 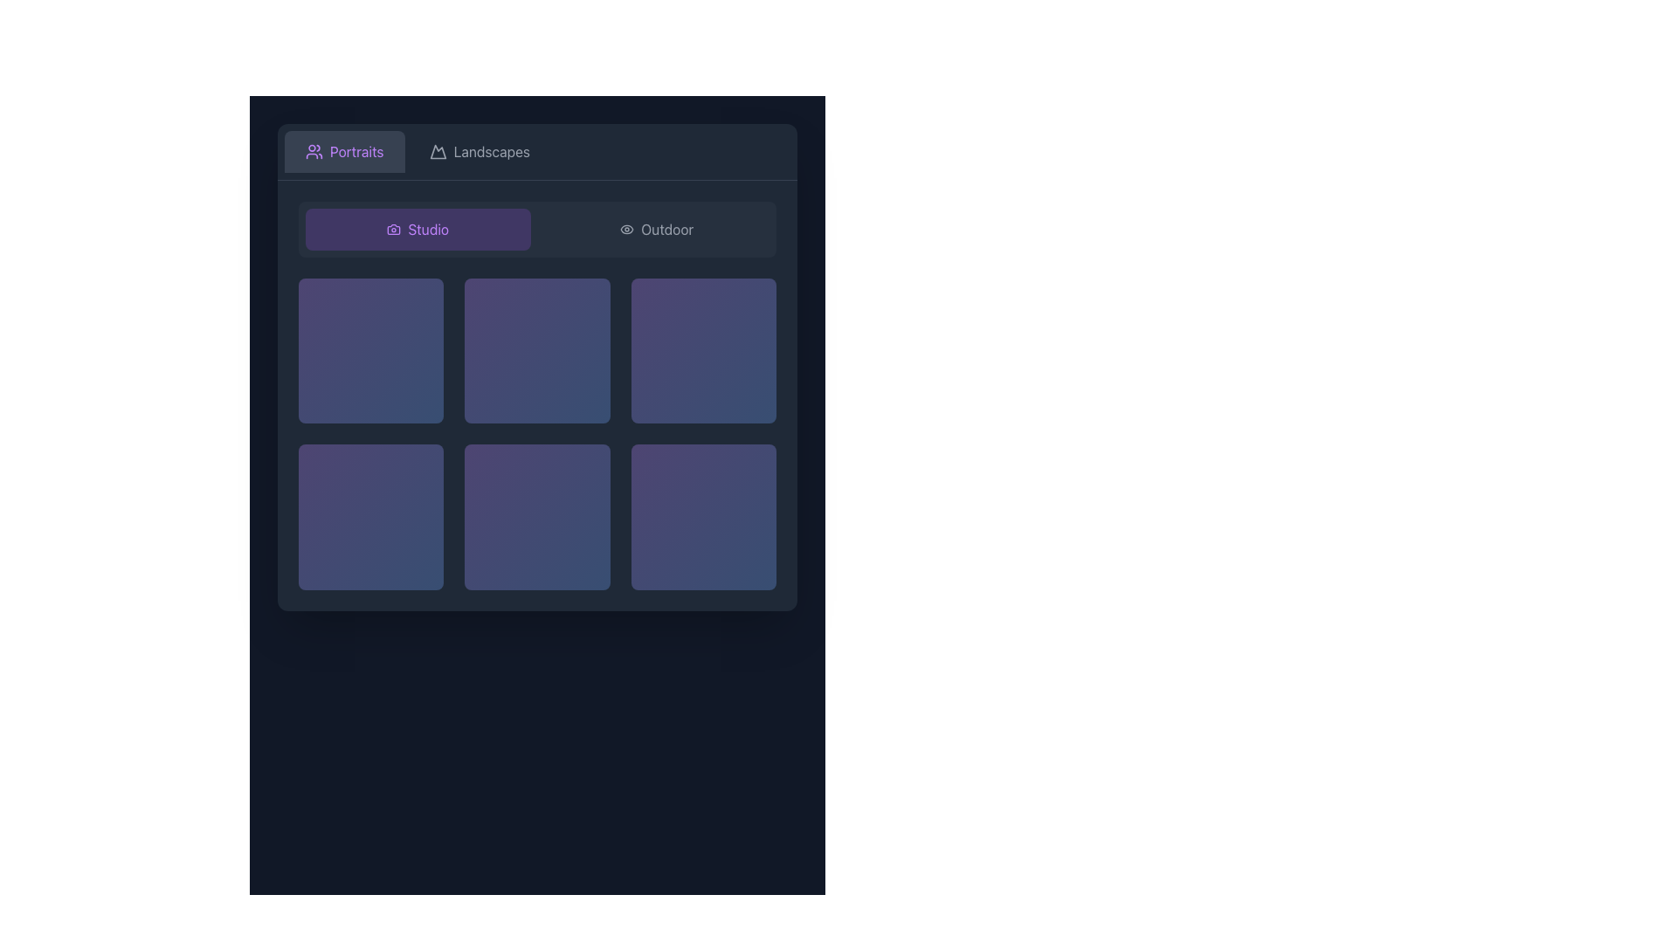 What do you see at coordinates (666, 228) in the screenshot?
I see `the text label displaying 'Outdoor' in light gray on a dark background, located towards the top-right side of a horizontal bar, immediately preceded by an eye icon` at bounding box center [666, 228].